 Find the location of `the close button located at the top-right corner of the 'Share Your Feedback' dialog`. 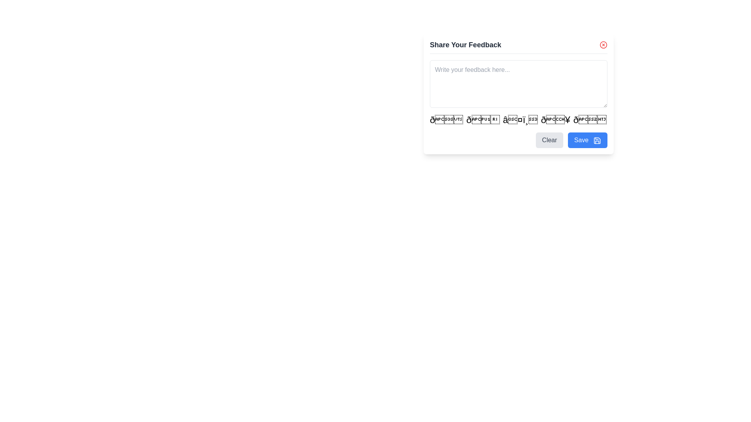

the close button located at the top-right corner of the 'Share Your Feedback' dialog is located at coordinates (603, 45).